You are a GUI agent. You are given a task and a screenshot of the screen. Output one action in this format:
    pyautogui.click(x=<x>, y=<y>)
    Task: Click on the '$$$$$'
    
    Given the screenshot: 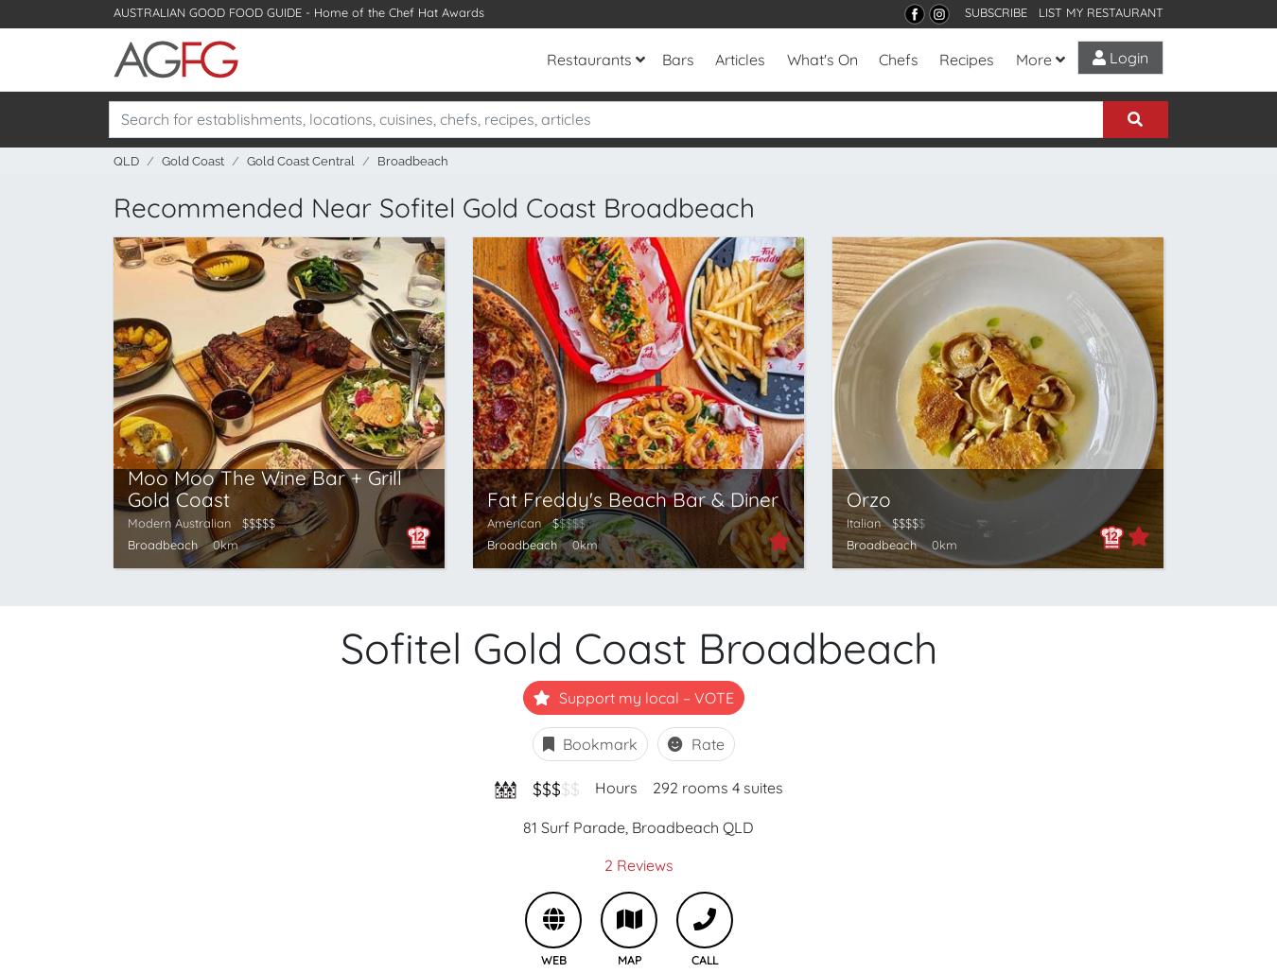 What is the action you would take?
    pyautogui.click(x=257, y=521)
    